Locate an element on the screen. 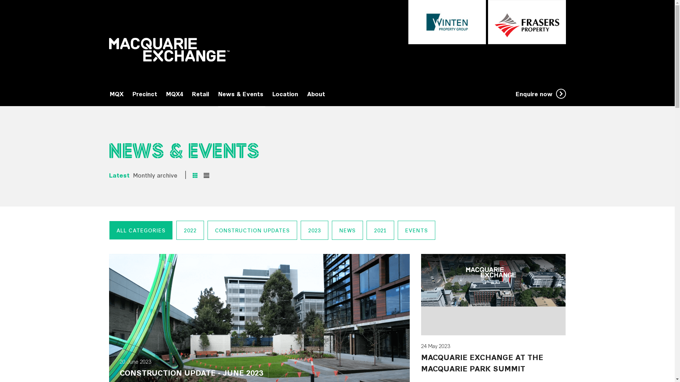 This screenshot has width=680, height=382. 'Precinct' is located at coordinates (132, 93).